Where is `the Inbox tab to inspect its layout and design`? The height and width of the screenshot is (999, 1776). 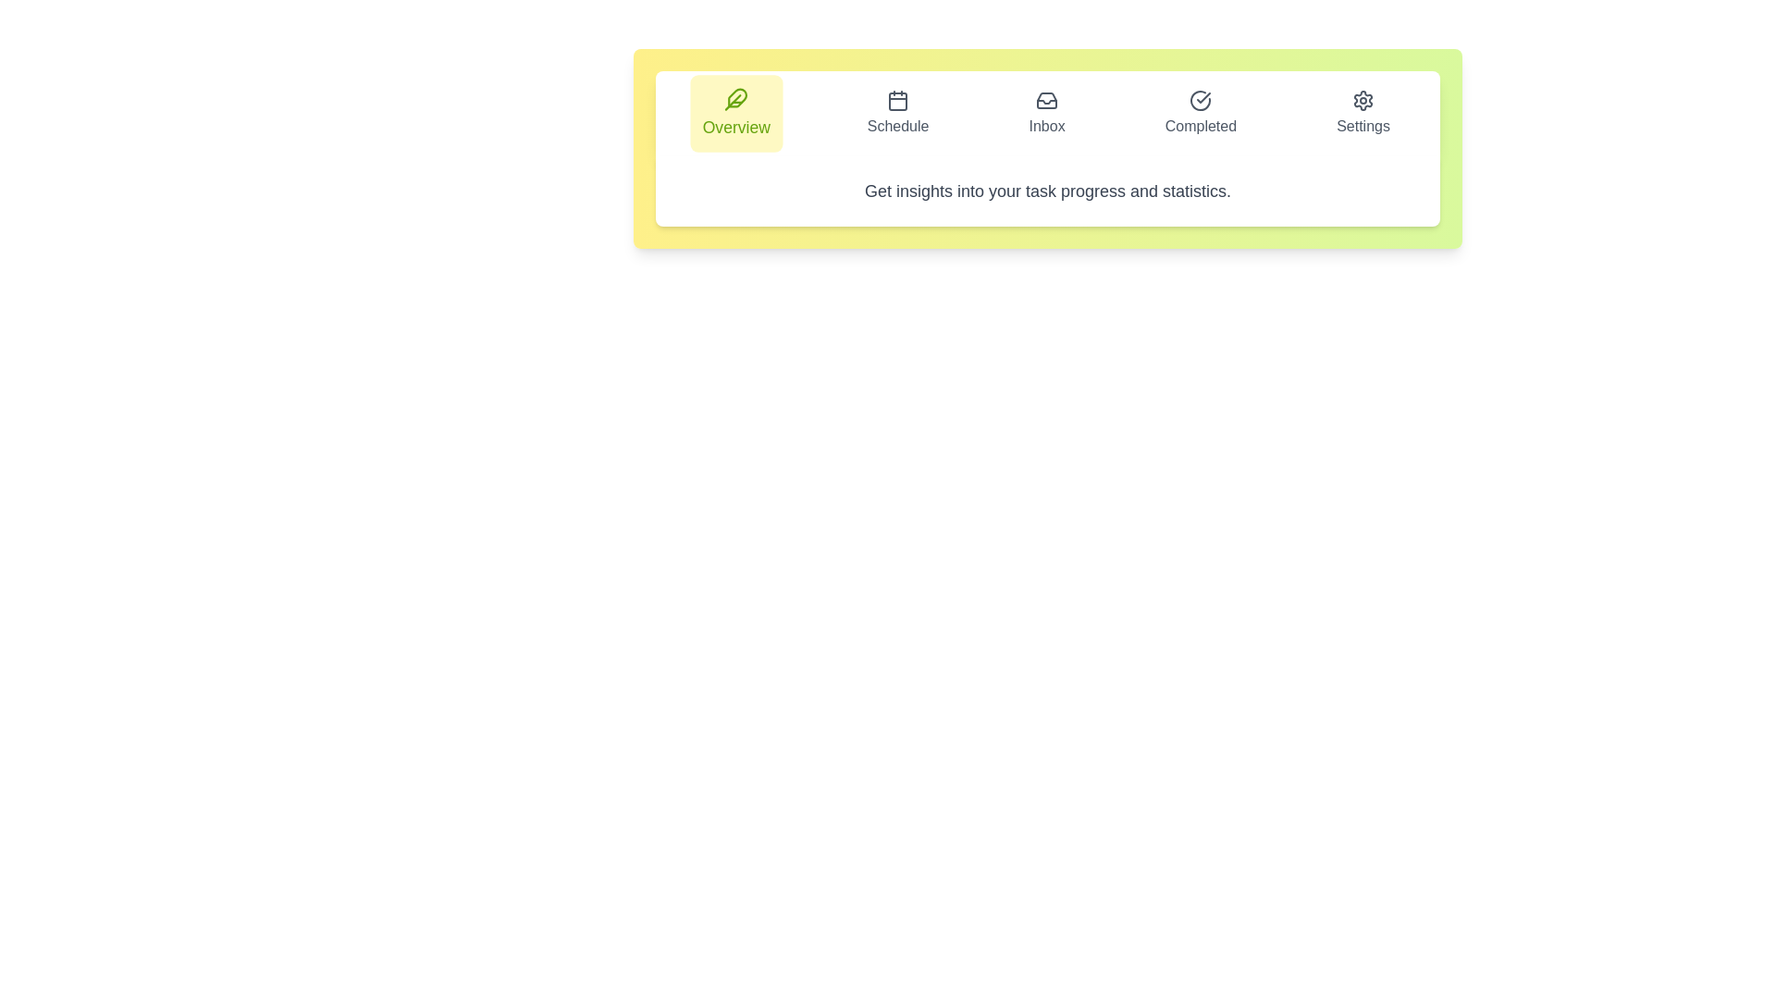 the Inbox tab to inspect its layout and design is located at coordinates (1047, 114).